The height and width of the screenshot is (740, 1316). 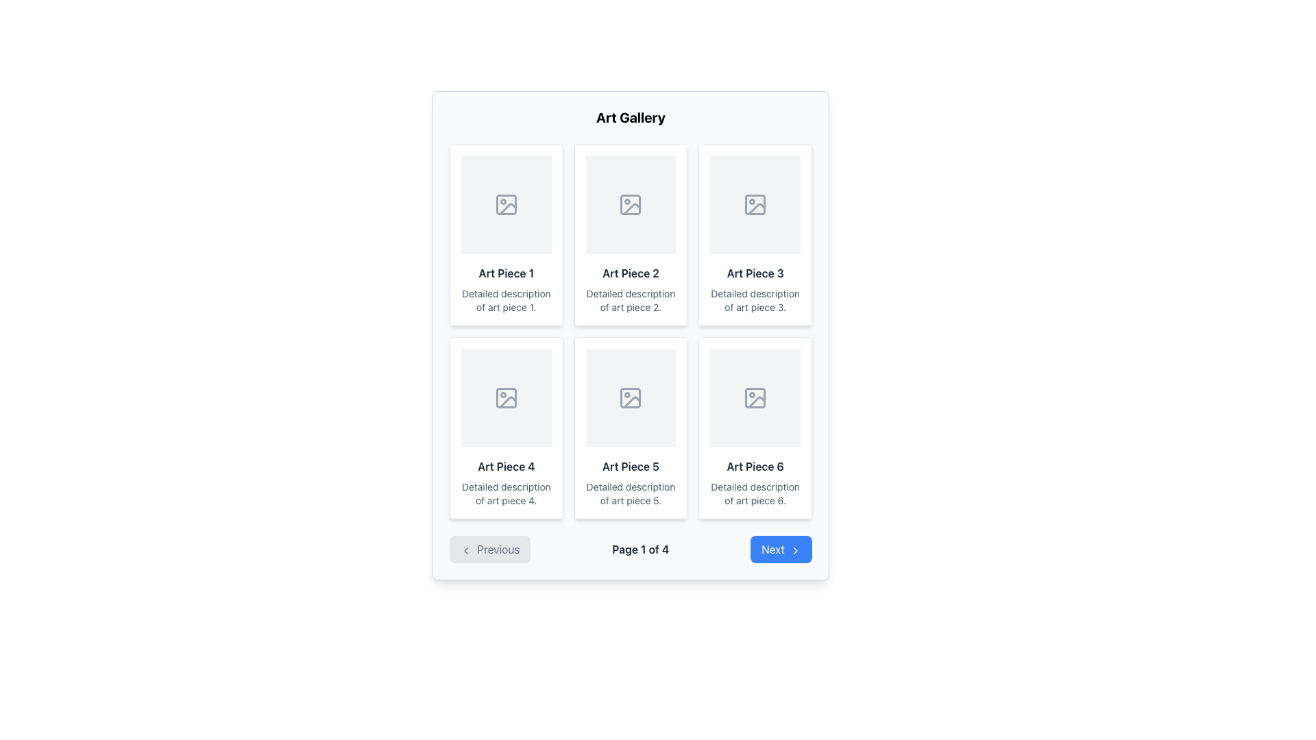 I want to click on text label displaying 'Art Piece 4', which is styled in a bold font and dark gray color, located at the bottom-center of a card in the second row and first column of a 3x2 grid, so click(x=505, y=466).